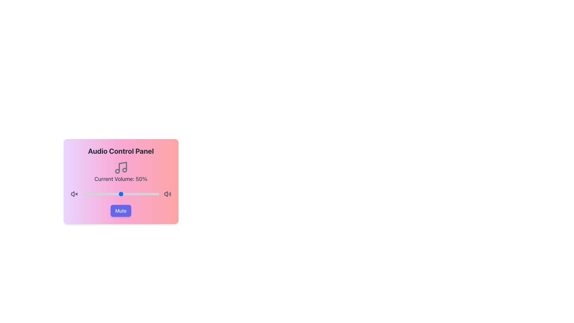 This screenshot has width=574, height=323. Describe the element at coordinates (108, 194) in the screenshot. I see `the volume` at that location.